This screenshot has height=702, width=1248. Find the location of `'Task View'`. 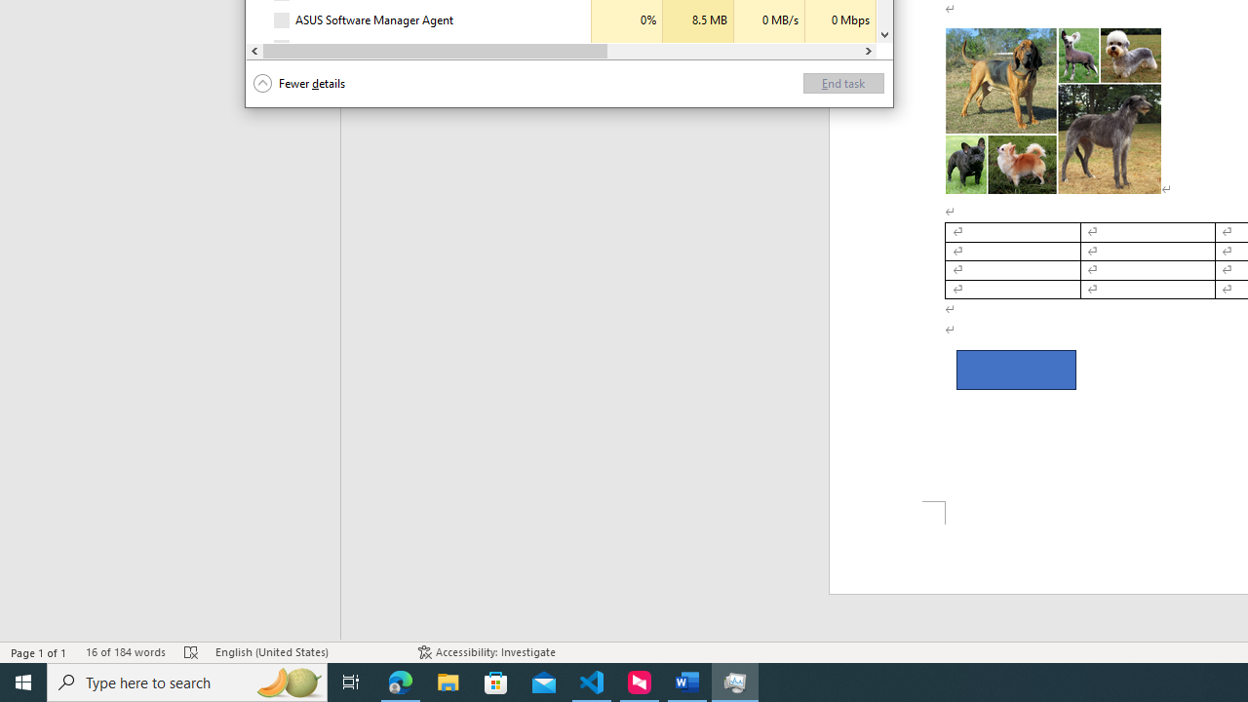

'Task View' is located at coordinates (350, 681).